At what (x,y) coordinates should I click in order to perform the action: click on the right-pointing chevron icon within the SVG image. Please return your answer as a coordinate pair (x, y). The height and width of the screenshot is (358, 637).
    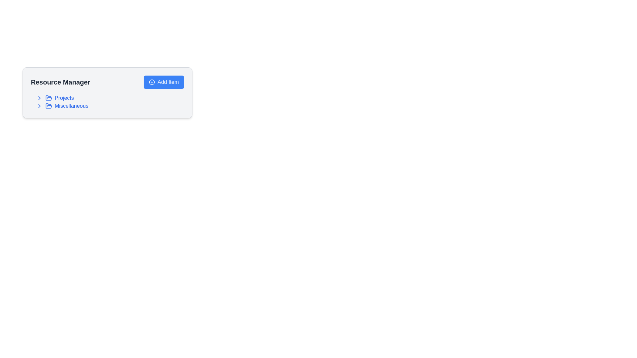
    Looking at the image, I should click on (39, 106).